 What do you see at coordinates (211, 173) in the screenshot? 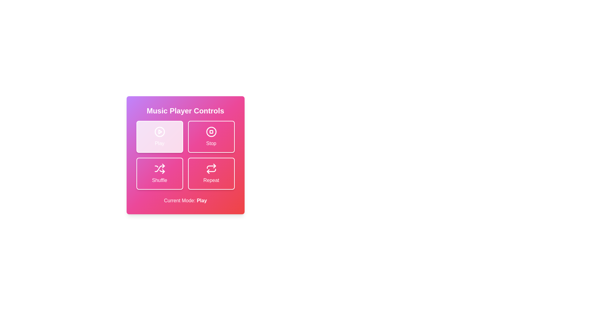
I see `the Repeat button to observe its hover effect` at bounding box center [211, 173].